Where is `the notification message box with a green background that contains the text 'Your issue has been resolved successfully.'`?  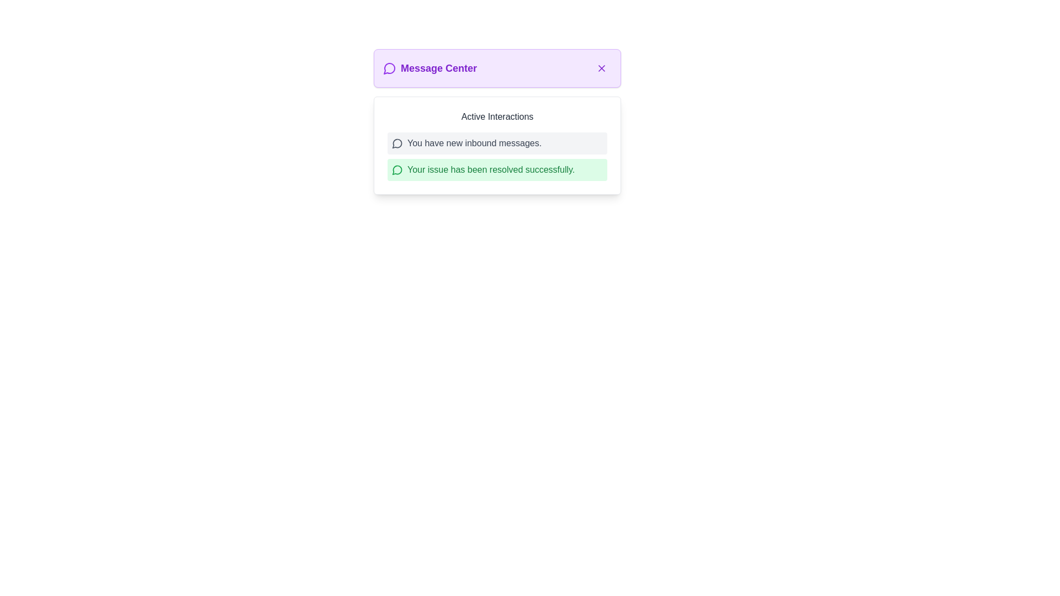
the notification message box with a green background that contains the text 'Your issue has been resolved successfully.' is located at coordinates (497, 170).